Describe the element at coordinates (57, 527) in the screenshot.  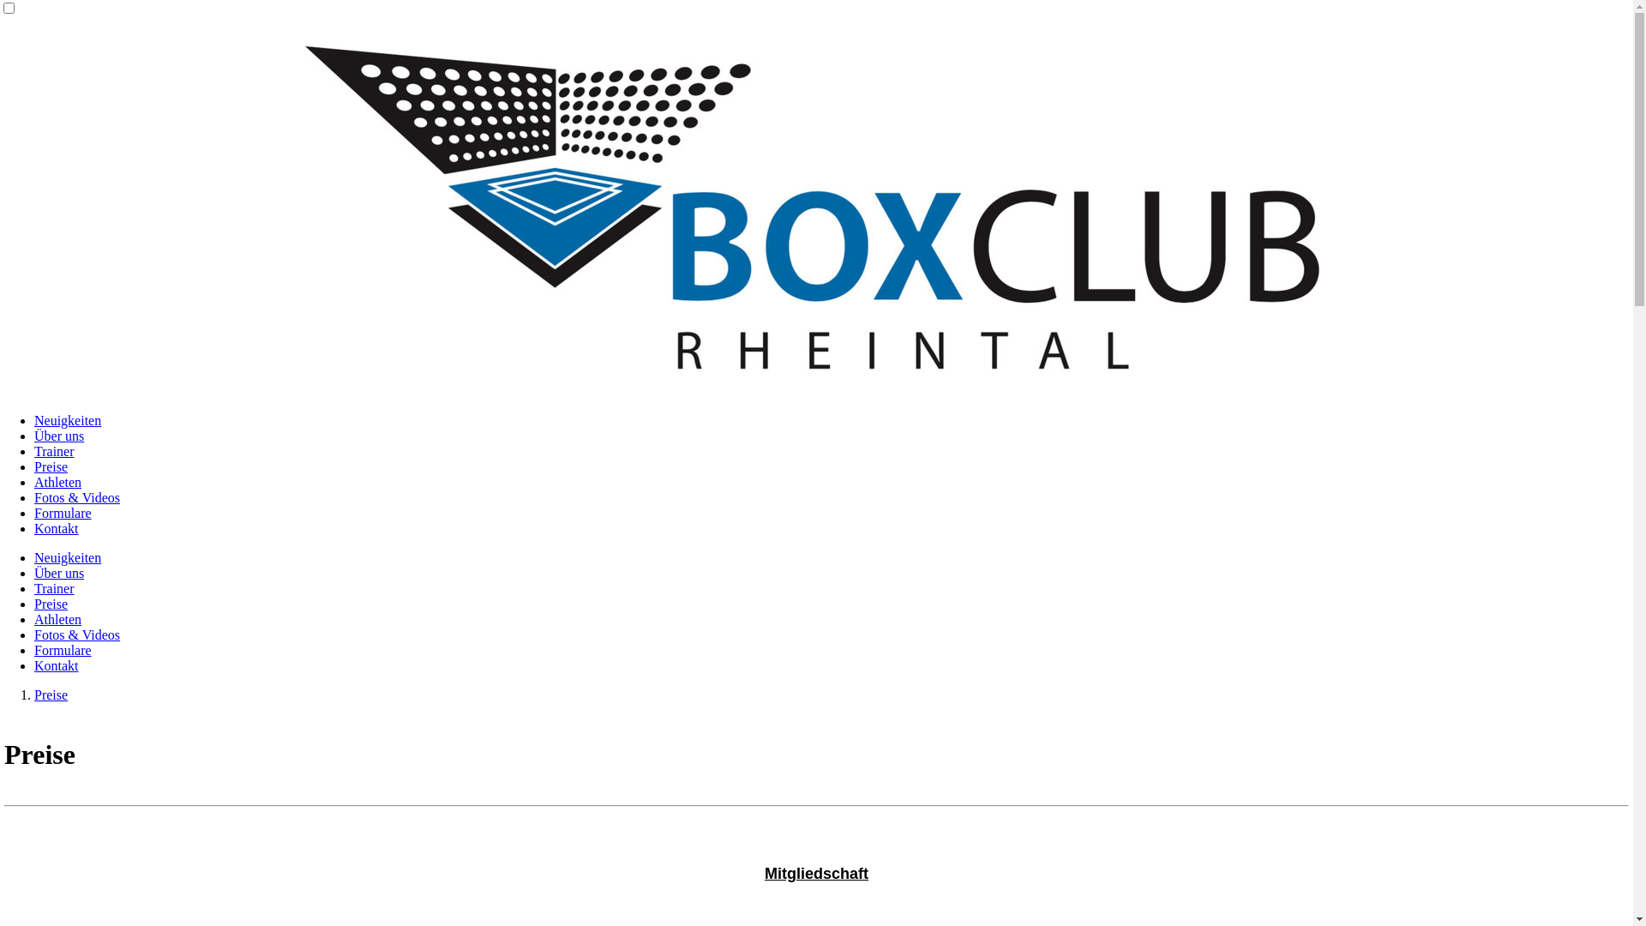
I see `'Kontakt'` at that location.